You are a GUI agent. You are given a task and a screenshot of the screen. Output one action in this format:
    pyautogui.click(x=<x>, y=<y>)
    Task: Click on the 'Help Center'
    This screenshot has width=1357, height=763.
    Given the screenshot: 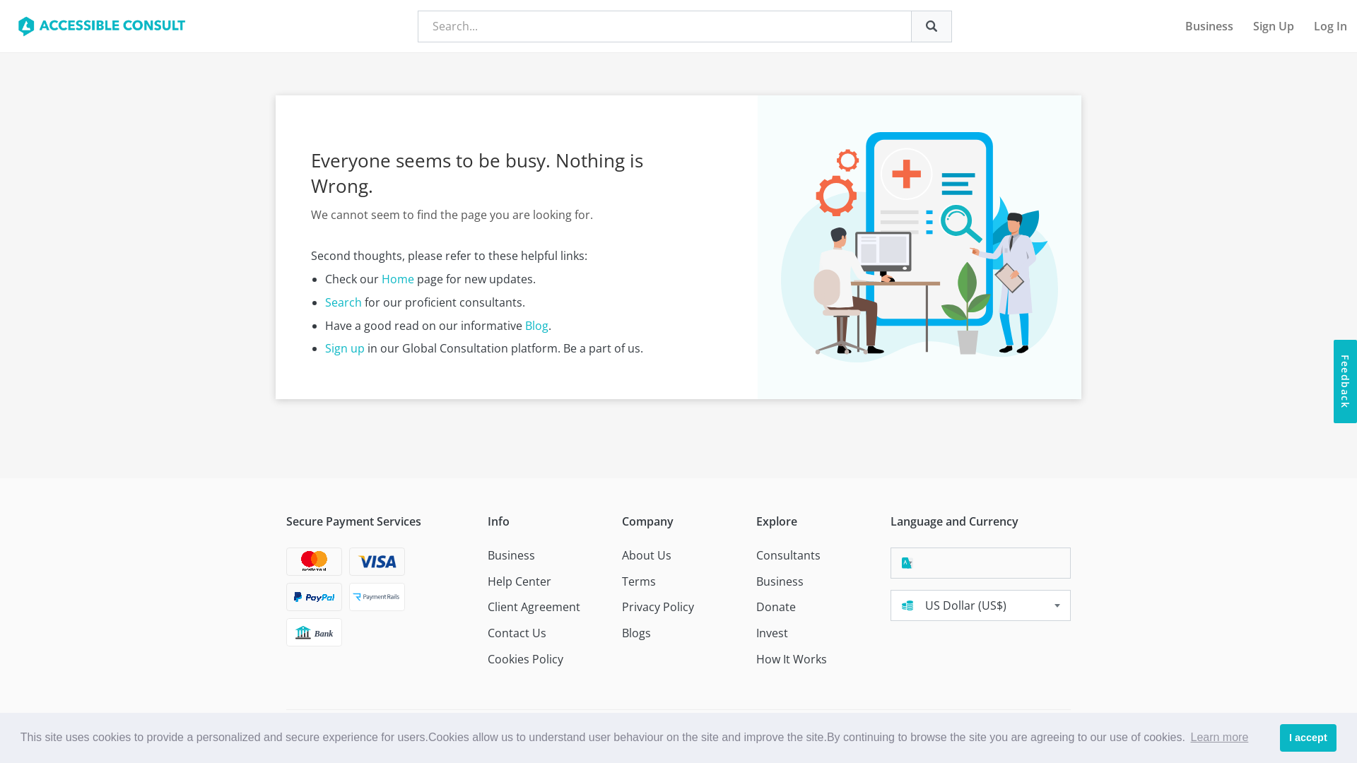 What is the action you would take?
    pyautogui.click(x=488, y=581)
    